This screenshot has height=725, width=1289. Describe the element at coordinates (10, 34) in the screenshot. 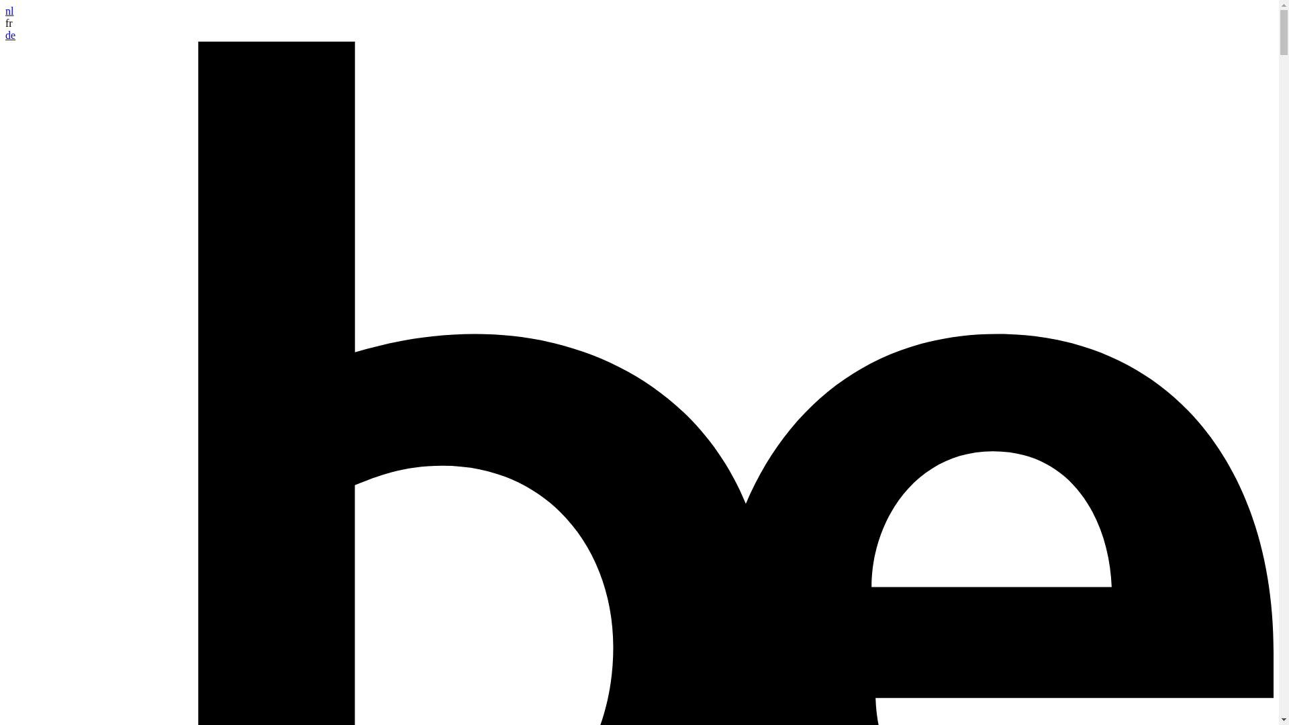

I see `'de'` at that location.